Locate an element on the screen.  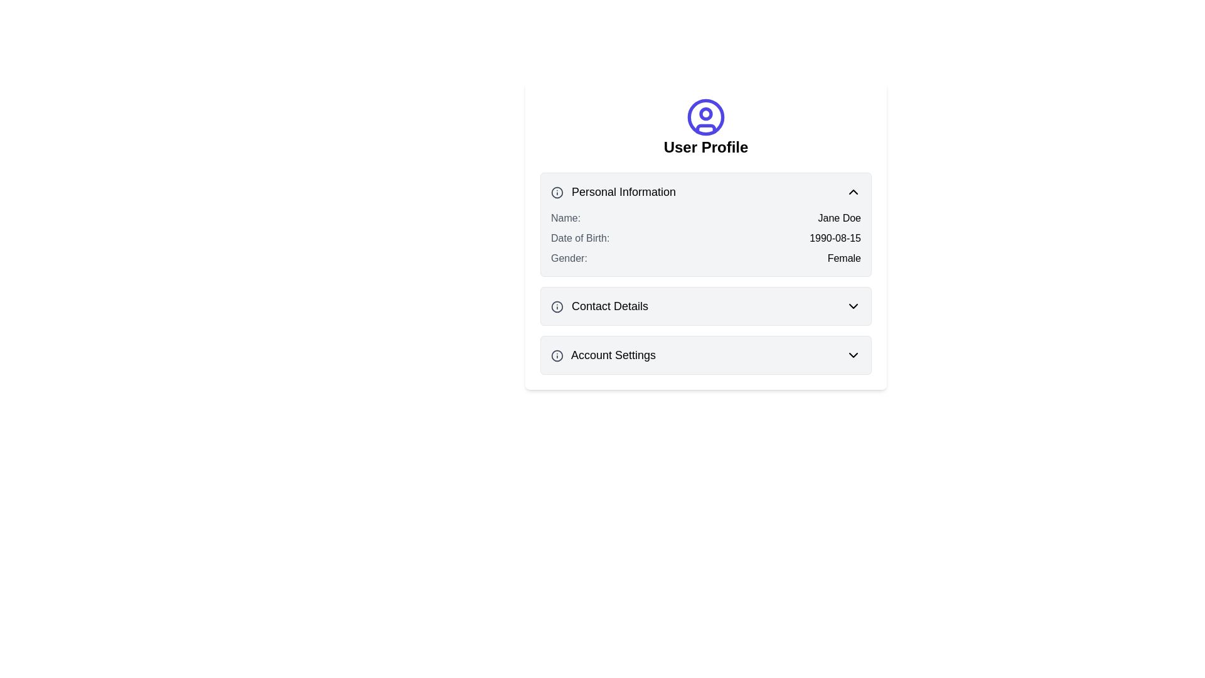
the 'Contact Details' text label, which is styled with medium-sized, bold font and is located under the 'Personal Information' section is located at coordinates (599, 306).